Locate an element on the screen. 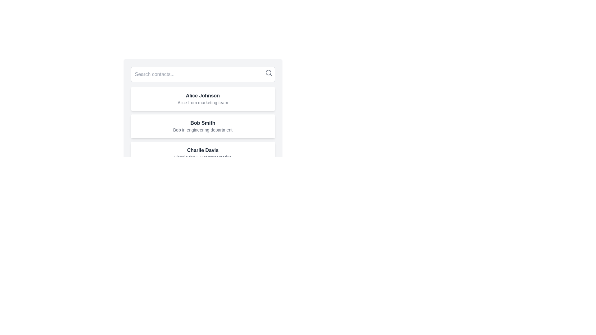 The width and height of the screenshot is (596, 335). the list item for 'Bob Smith' which describes his role as 'Bob in engineering department.' This item is the second of three stacked blocks located between 'Alice Johnson' and 'Charlie Davis.' is located at coordinates (203, 116).